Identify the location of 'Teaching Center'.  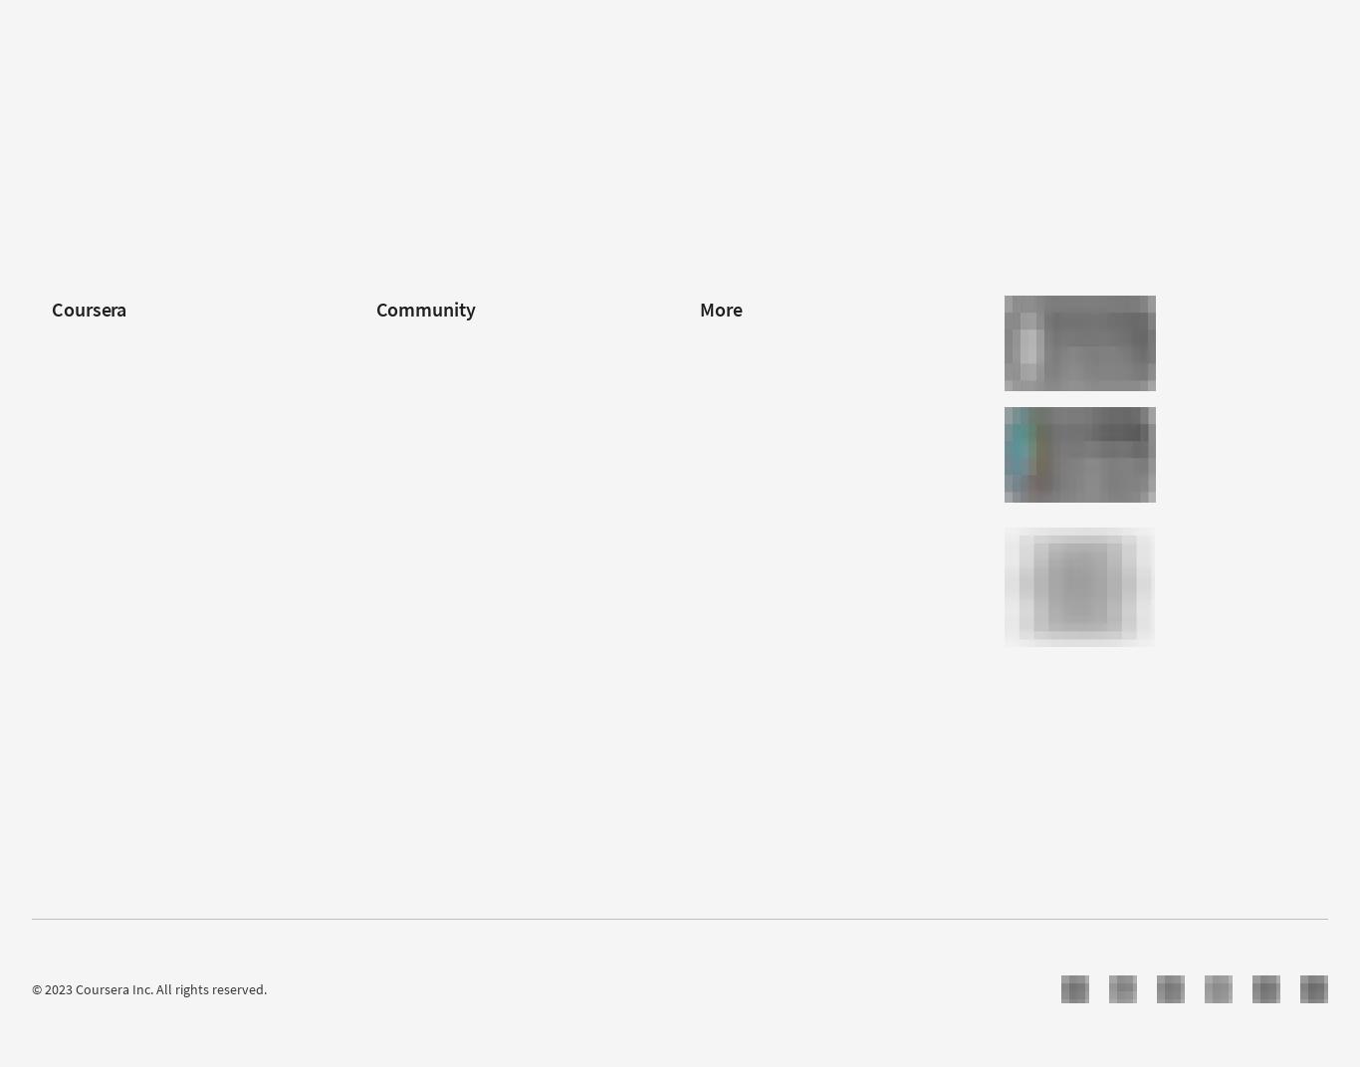
(421, 524).